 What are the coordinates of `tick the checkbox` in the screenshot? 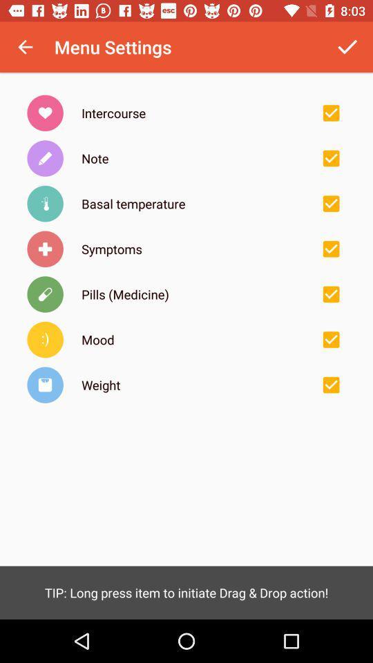 It's located at (330, 294).